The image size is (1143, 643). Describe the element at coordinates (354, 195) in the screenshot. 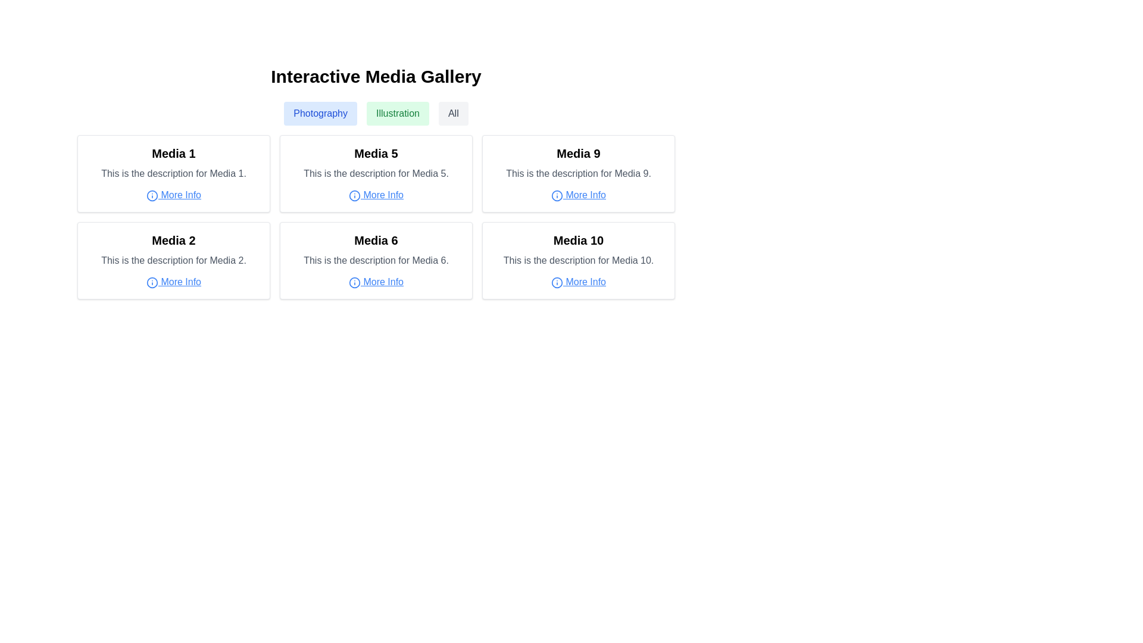

I see `the circular element of the information icon within the 'Media 5' card, which is styled in a minimalist monochromatic design` at that location.